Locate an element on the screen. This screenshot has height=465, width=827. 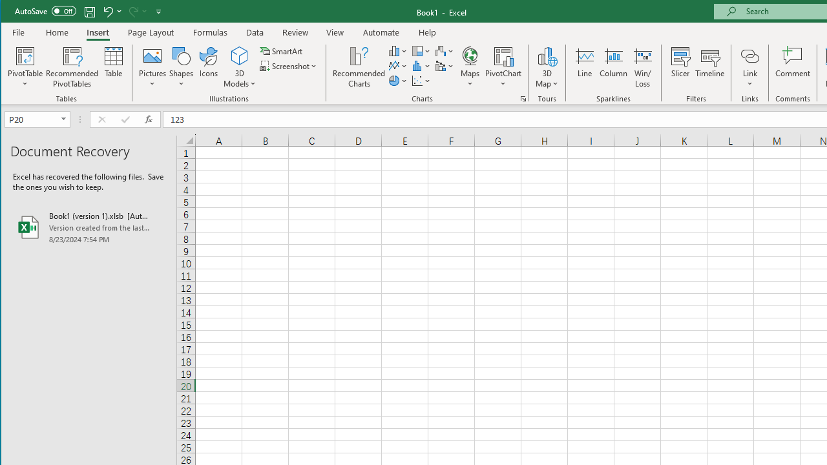
'Save' is located at coordinates (89, 11).